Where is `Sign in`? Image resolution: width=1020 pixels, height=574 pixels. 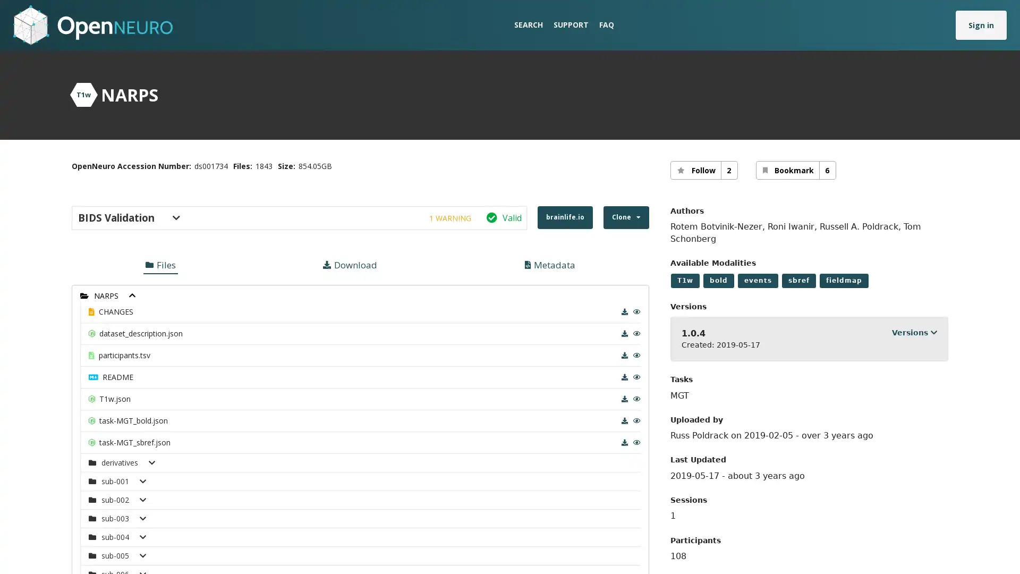
Sign in is located at coordinates (981, 24).